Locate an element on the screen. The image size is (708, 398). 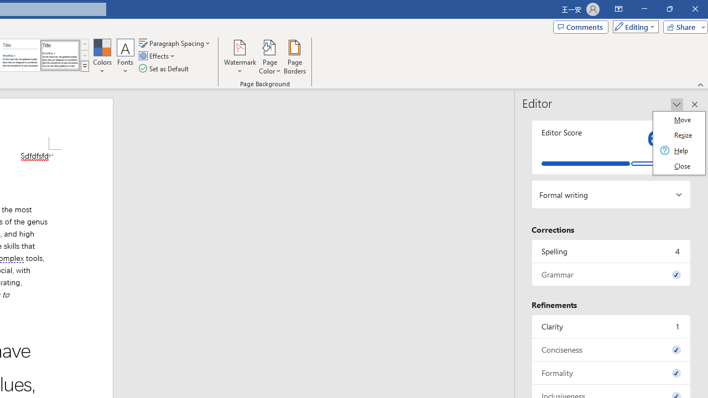
'Watermark' is located at coordinates (240, 57).